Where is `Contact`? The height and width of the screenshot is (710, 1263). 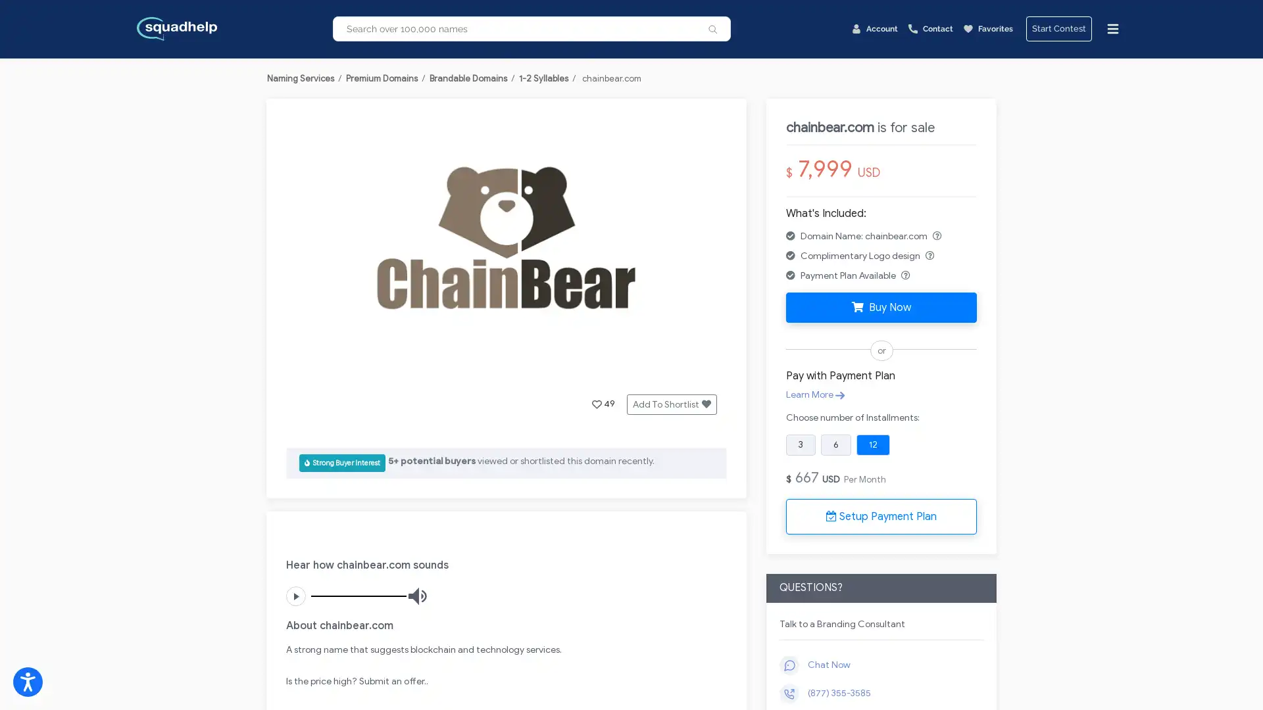
Contact is located at coordinates (930, 28).